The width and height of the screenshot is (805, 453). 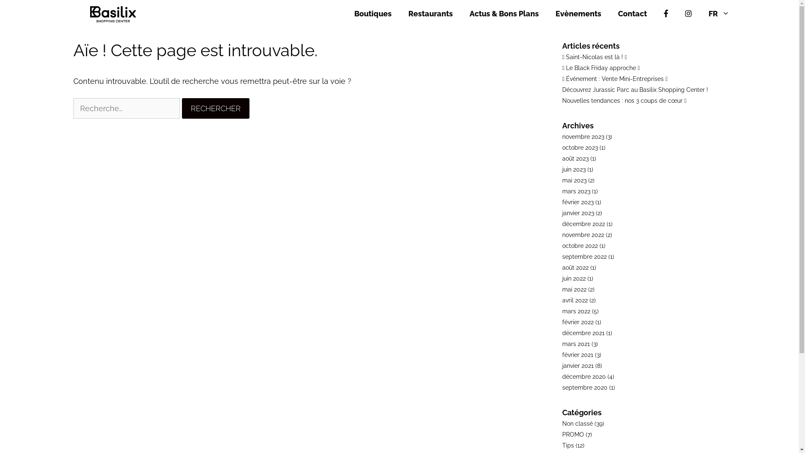 What do you see at coordinates (576, 311) in the screenshot?
I see `'mars 2022'` at bounding box center [576, 311].